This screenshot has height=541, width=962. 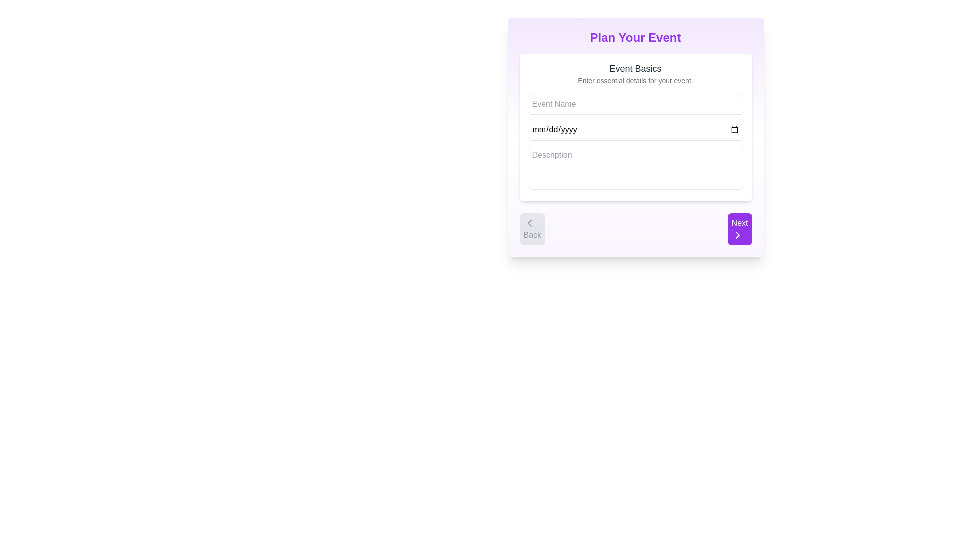 I want to click on the decorative back icon located at the bottom-left corner of the dialog box, which is part of the 'Back' button, so click(x=529, y=223).